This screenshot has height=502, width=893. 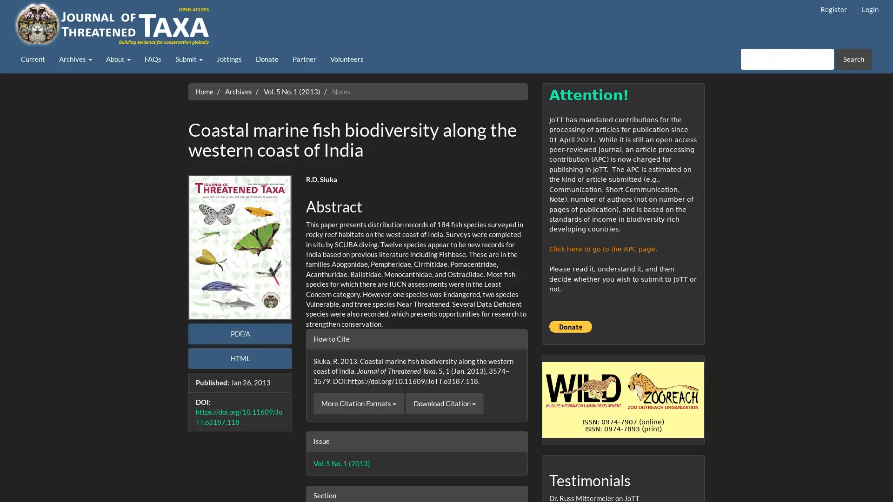 I want to click on More Citation Formats, so click(x=358, y=403).